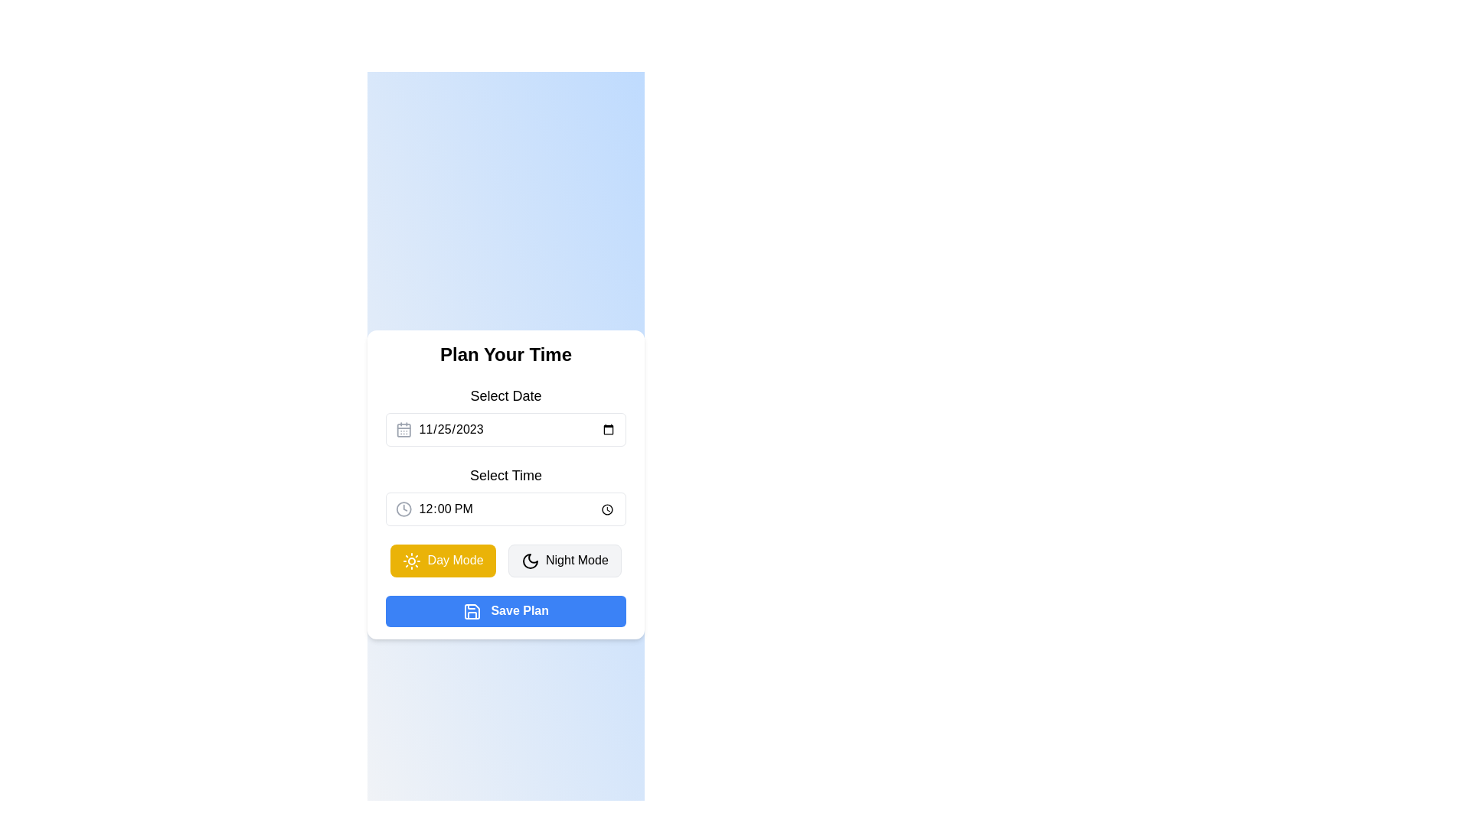 The width and height of the screenshot is (1470, 826). I want to click on the circular clock icon with a gray outline, located to the left of the text '12:00 PM', so click(403, 509).